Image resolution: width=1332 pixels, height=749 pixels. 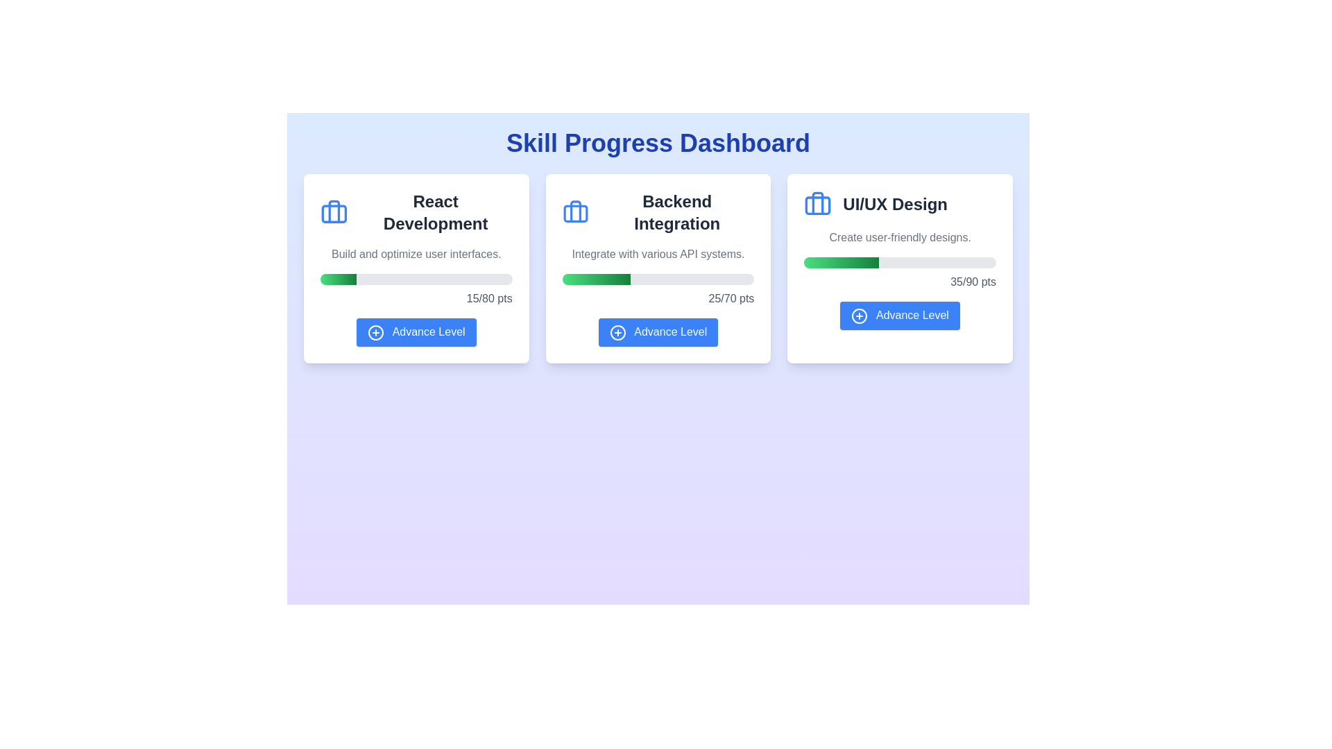 What do you see at coordinates (338, 279) in the screenshot?
I see `the Progress Indicator (Bar) which is a horizontal gradient bar transitioning from light green to dark green, located within the 'React Development' card under 'Skill Progress Dashboard'` at bounding box center [338, 279].